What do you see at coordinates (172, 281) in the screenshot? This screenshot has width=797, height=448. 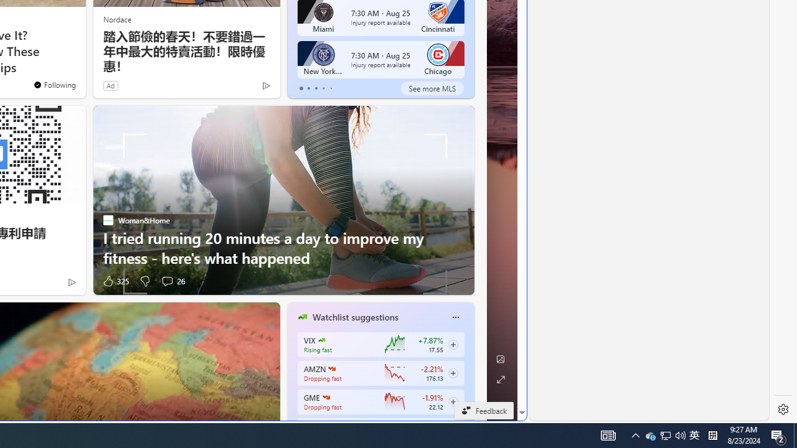 I see `'View comments 26 Comment'` at bounding box center [172, 281].